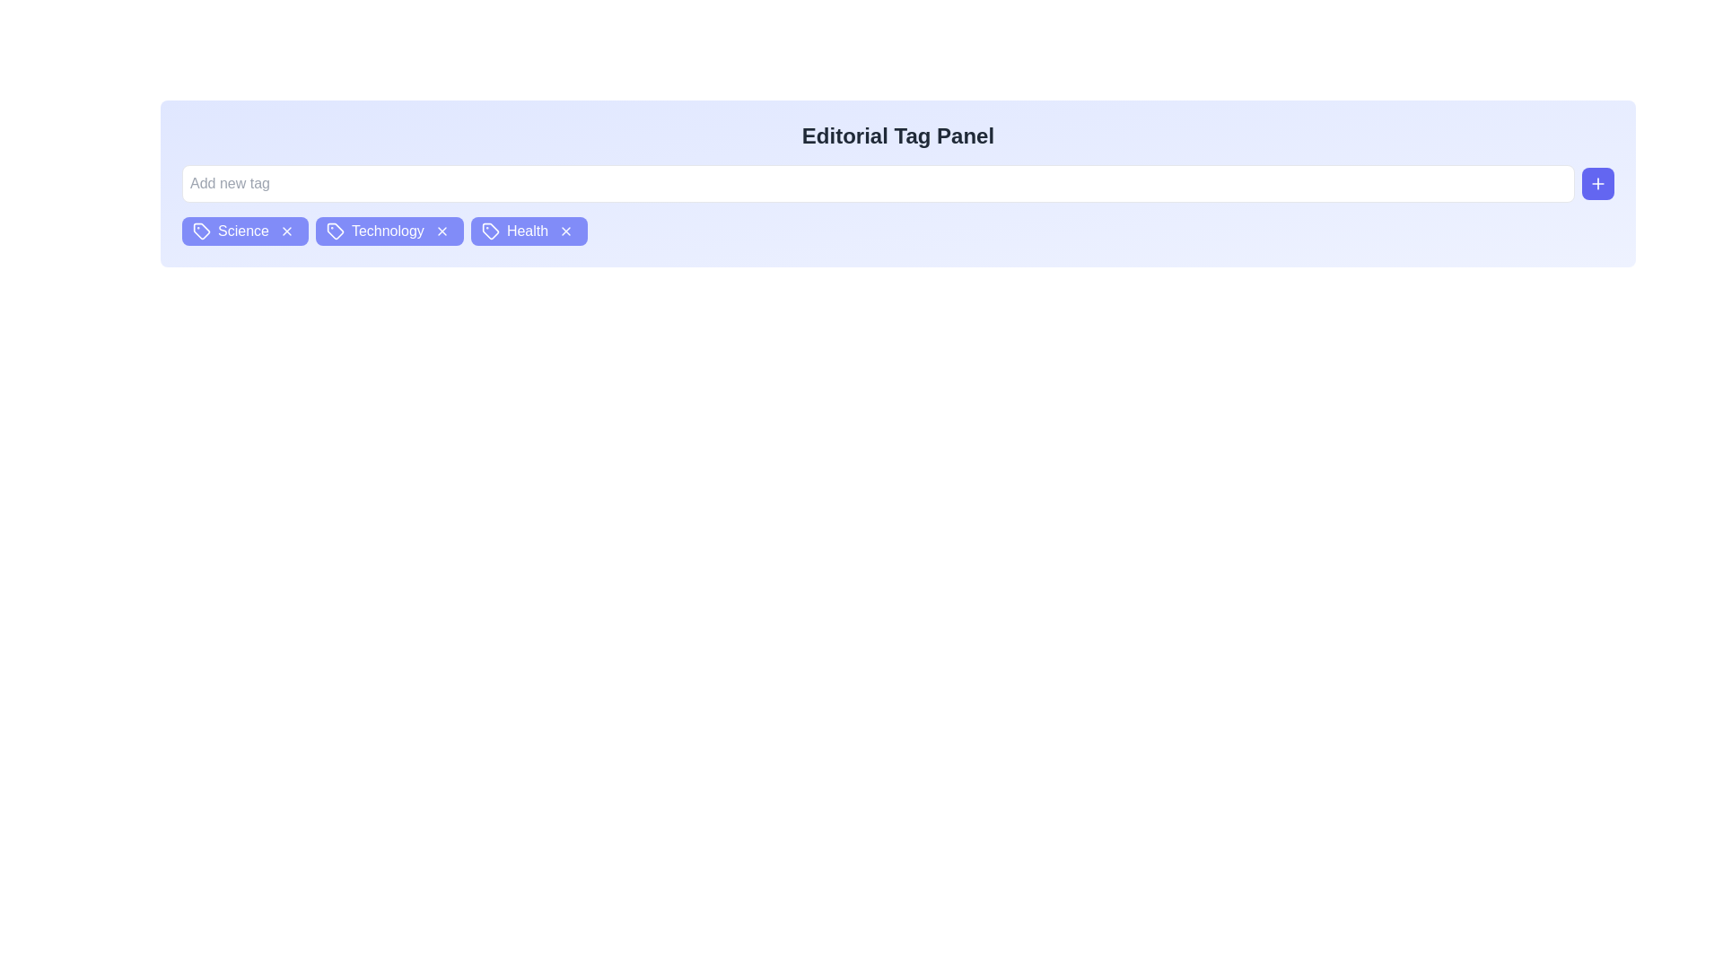 The image size is (1723, 969). What do you see at coordinates (285, 231) in the screenshot?
I see `the close button located immediately to the right of the 'Science' tag to change its background color` at bounding box center [285, 231].